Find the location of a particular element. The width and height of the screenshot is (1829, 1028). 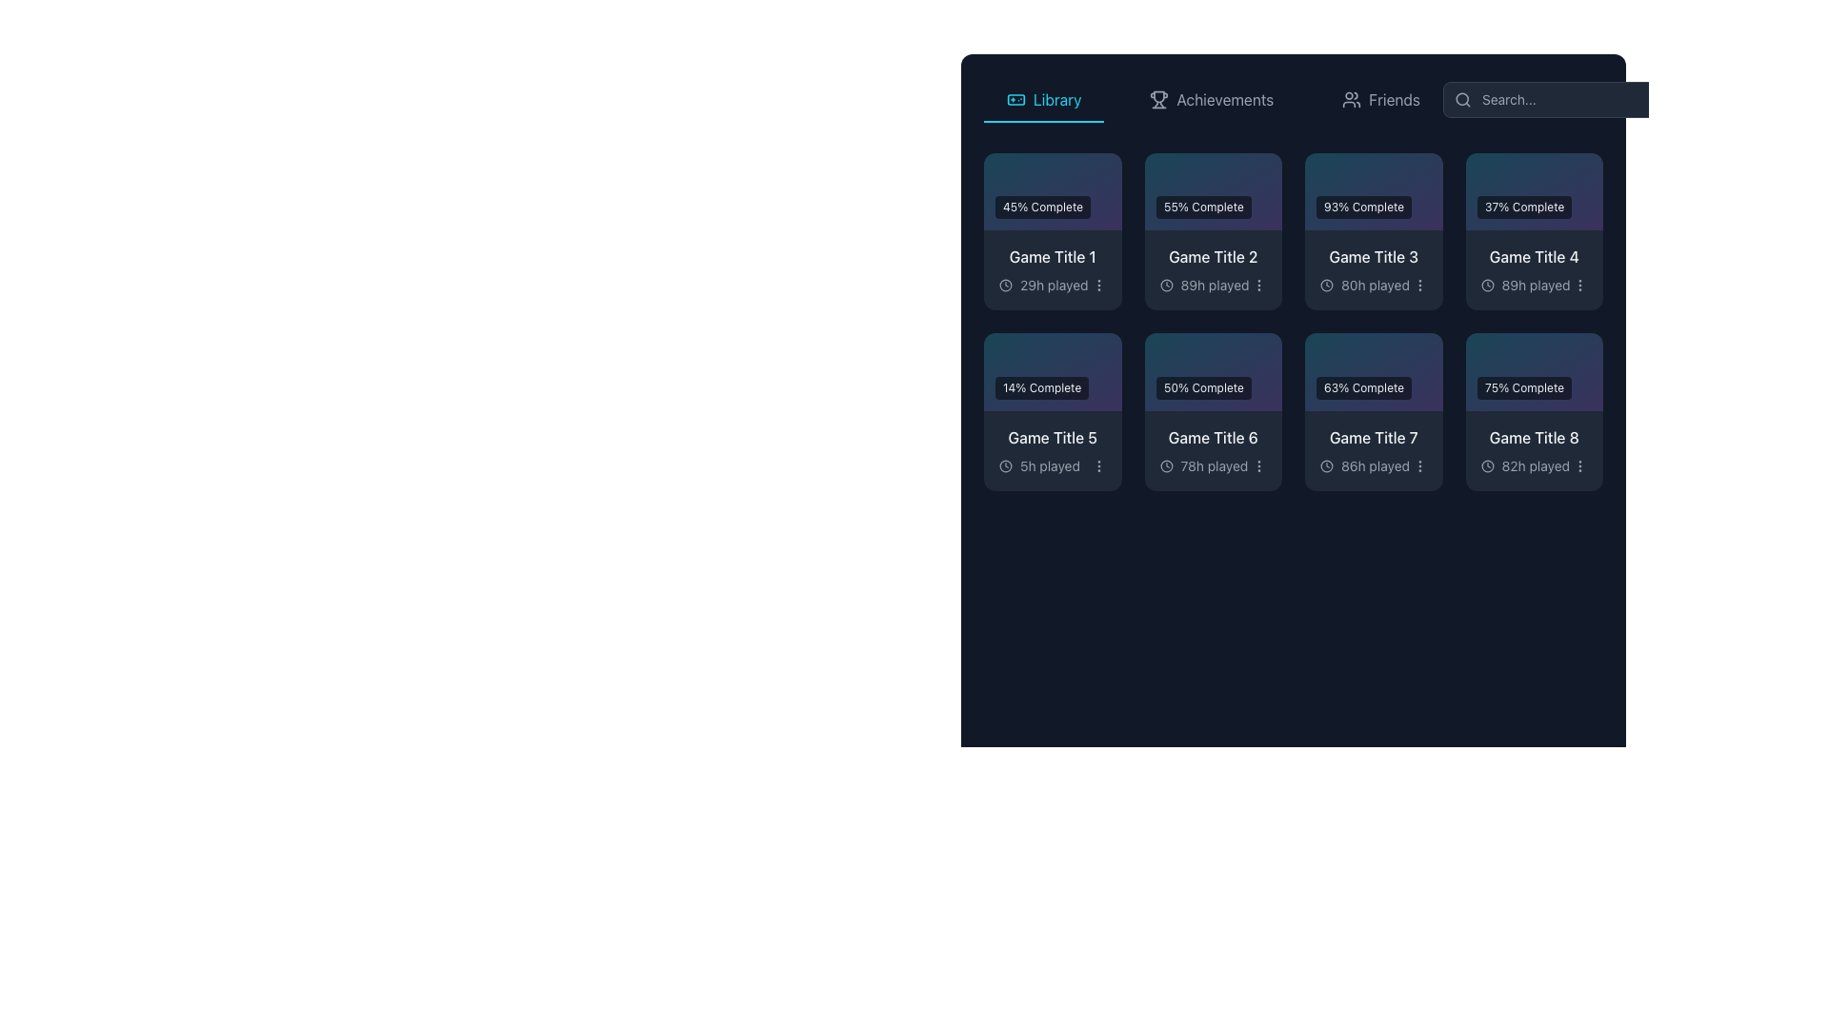

the informational text element that displays the total playtime of 'Game Title 3', which is located in the third column of the top row, directly below the game title is located at coordinates (1374, 286).